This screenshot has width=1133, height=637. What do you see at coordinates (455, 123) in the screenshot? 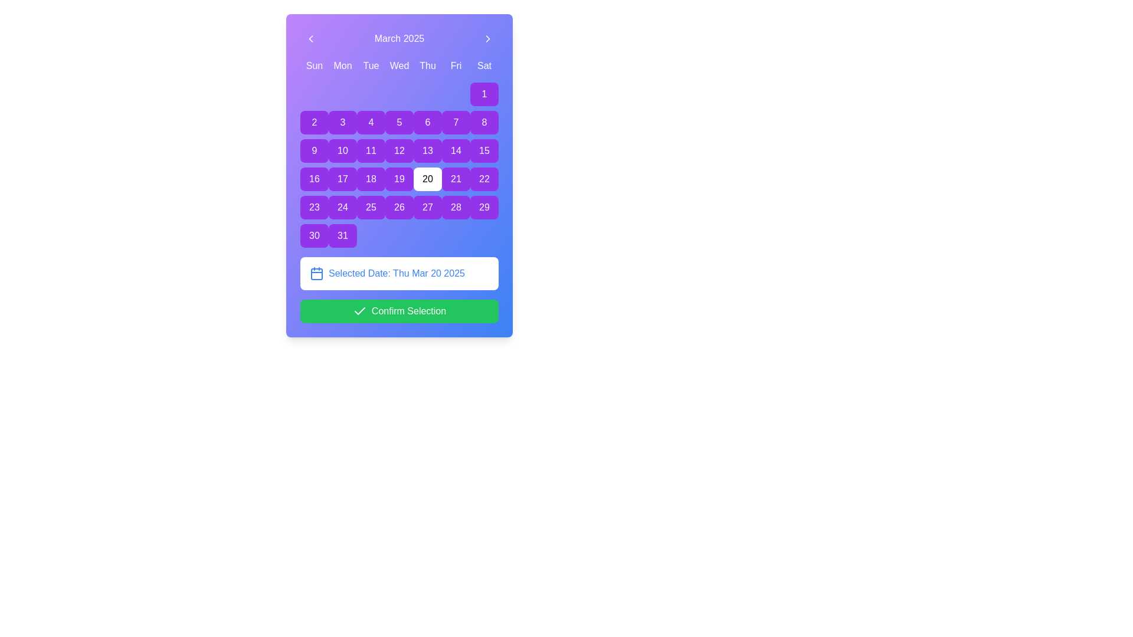
I see `the button representing the date 7th of the currently displayed month in the calendar` at bounding box center [455, 123].